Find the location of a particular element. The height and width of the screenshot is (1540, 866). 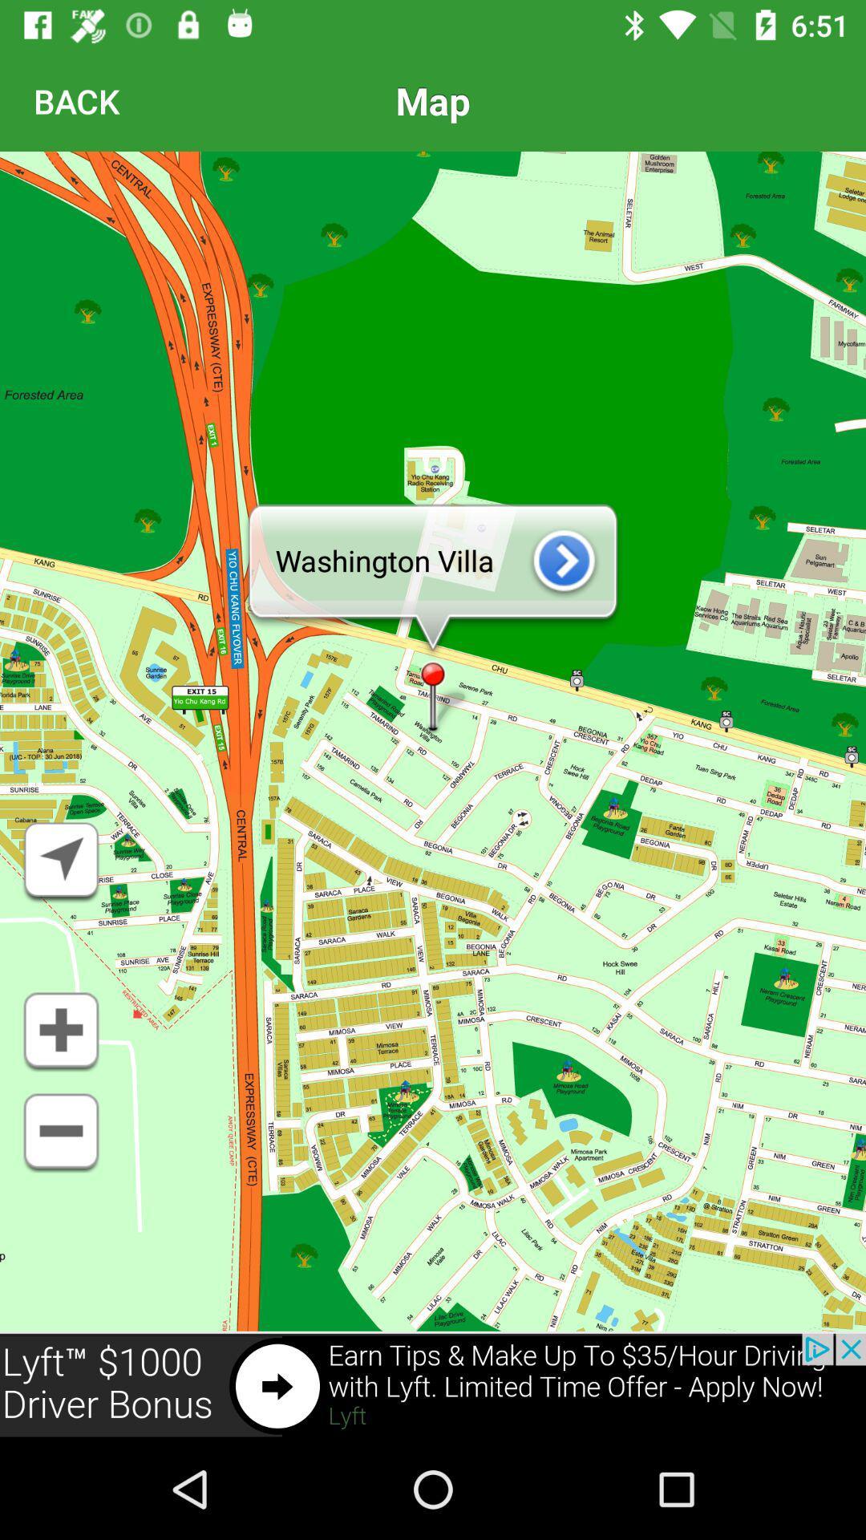

zooms the map out is located at coordinates (60, 1132).